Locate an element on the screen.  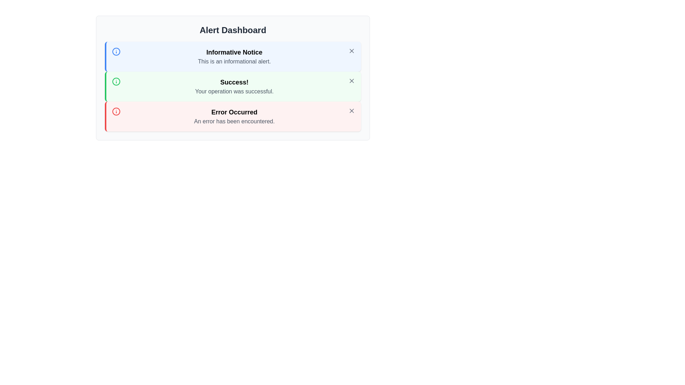
circular icon with a green outline and a vertical line and dot in the center, located to the left of the 'Success!' alert notification is located at coordinates (116, 81).